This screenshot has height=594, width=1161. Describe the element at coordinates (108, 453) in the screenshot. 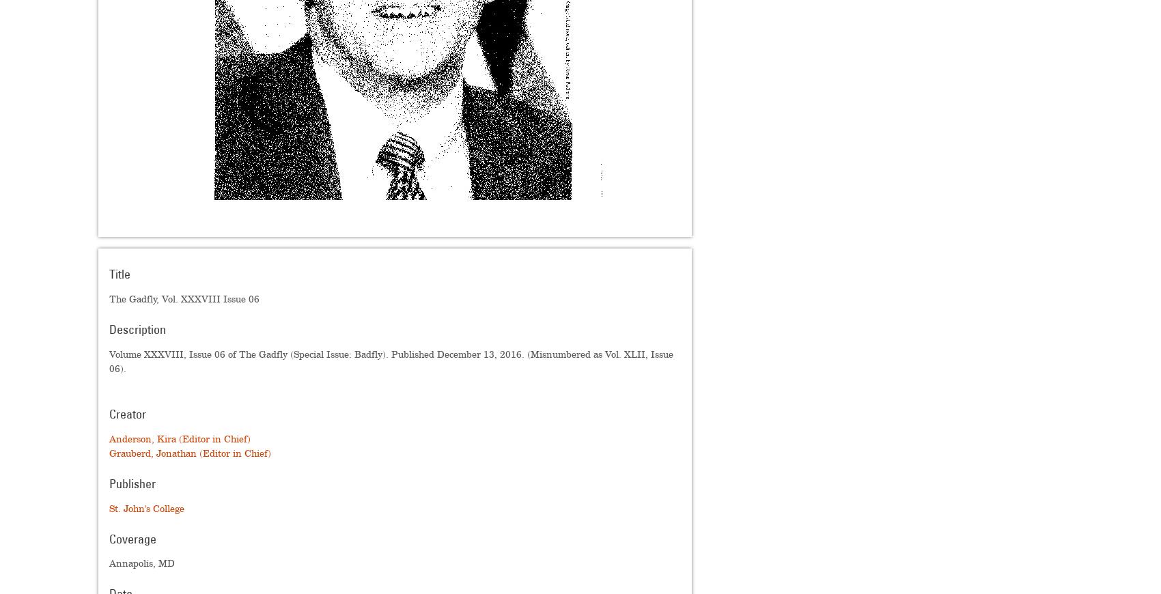

I see `'Grauberd, Jonathan (Editor in Chief)'` at that location.